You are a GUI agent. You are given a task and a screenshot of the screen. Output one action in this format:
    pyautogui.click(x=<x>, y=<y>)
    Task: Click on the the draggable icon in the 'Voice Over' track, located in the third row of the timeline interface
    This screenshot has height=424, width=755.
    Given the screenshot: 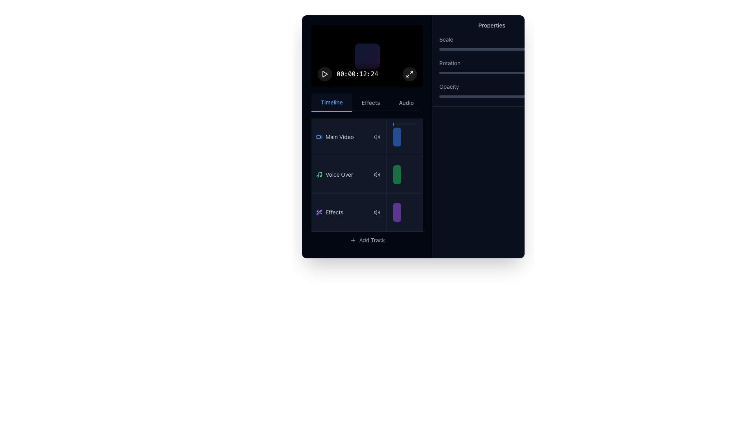 What is the action you would take?
    pyautogui.click(x=397, y=174)
    